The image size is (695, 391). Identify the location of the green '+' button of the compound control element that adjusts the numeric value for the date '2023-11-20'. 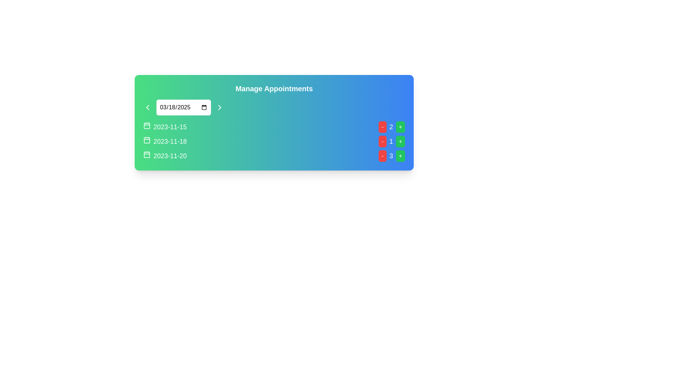
(391, 156).